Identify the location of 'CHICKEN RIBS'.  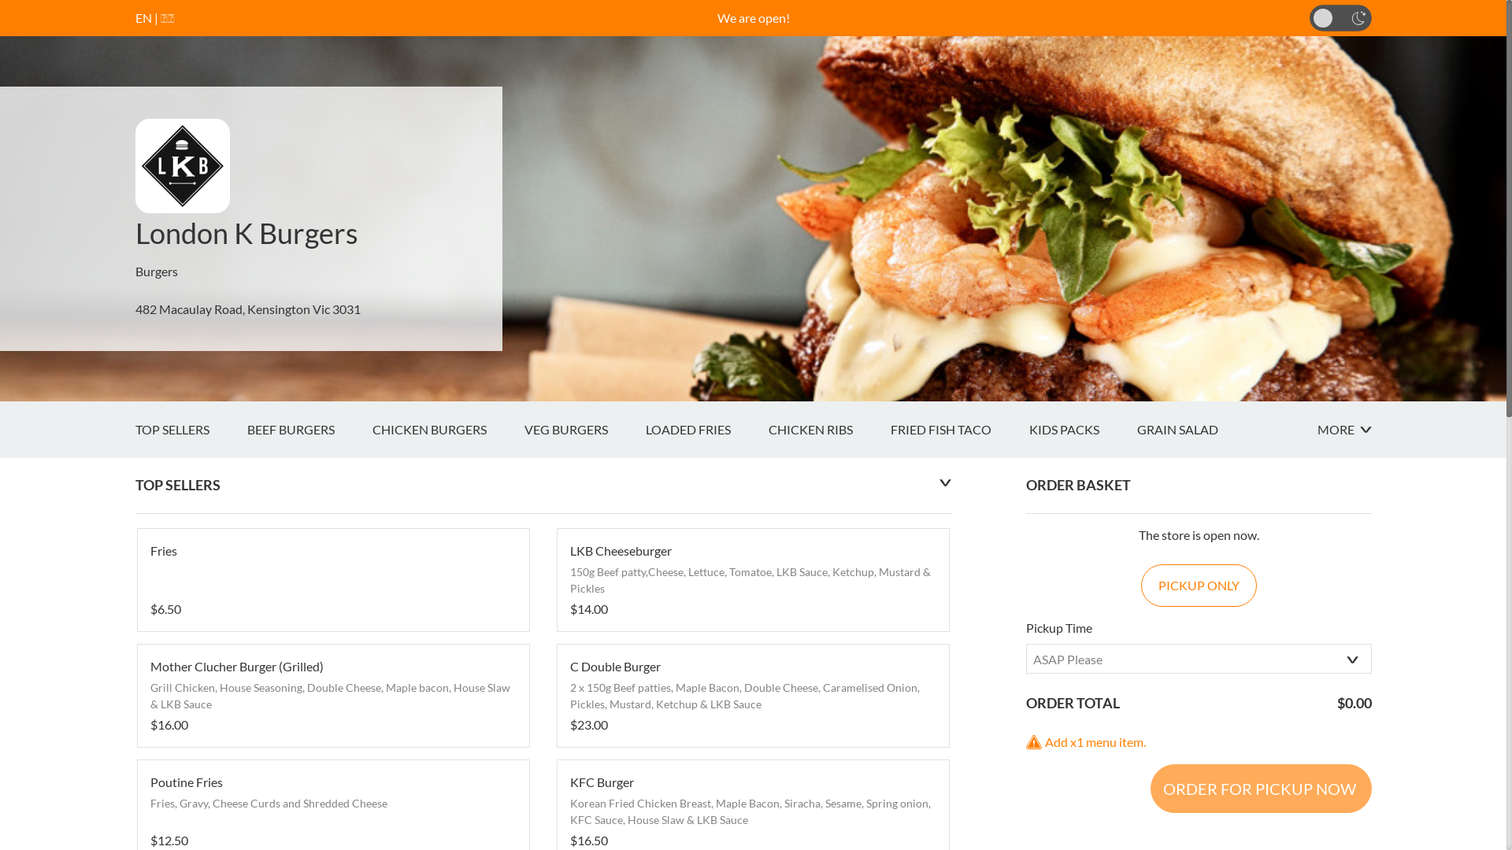
(828, 430).